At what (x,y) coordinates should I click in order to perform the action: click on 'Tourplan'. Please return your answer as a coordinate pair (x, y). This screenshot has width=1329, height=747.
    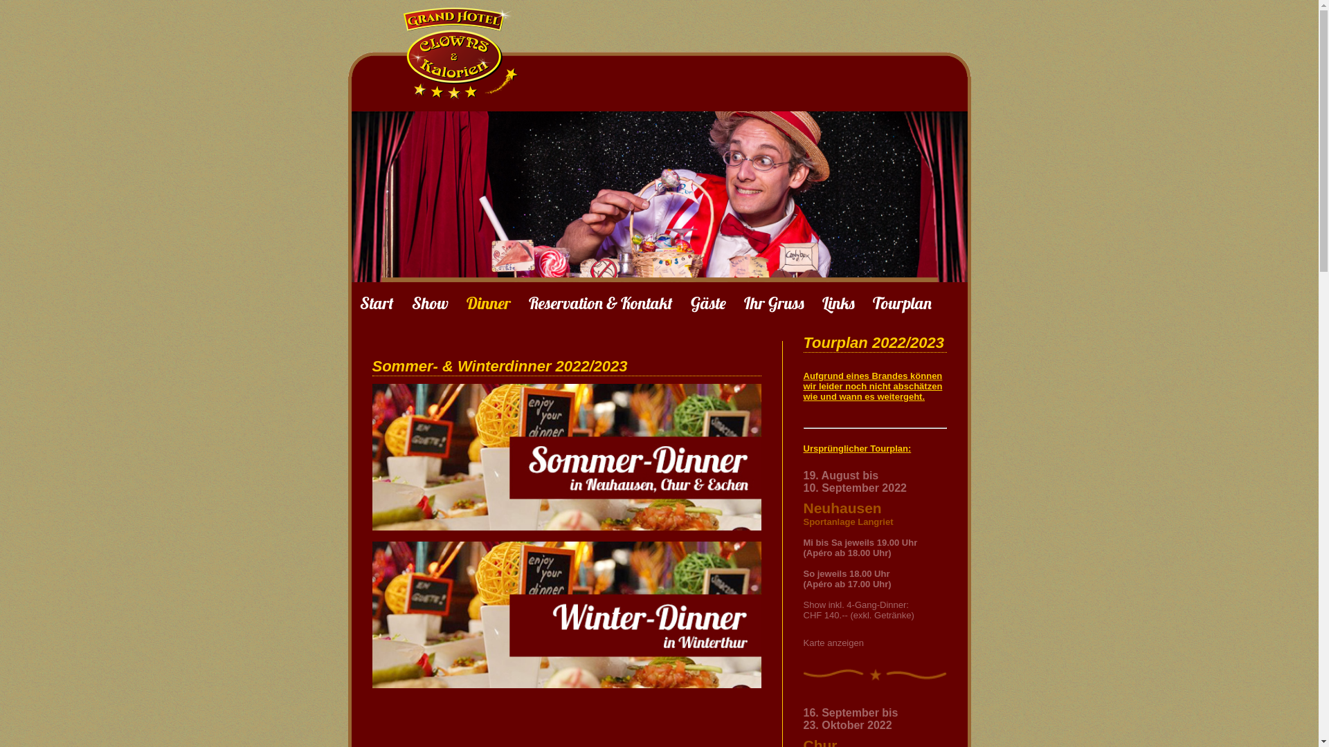
    Looking at the image, I should click on (871, 302).